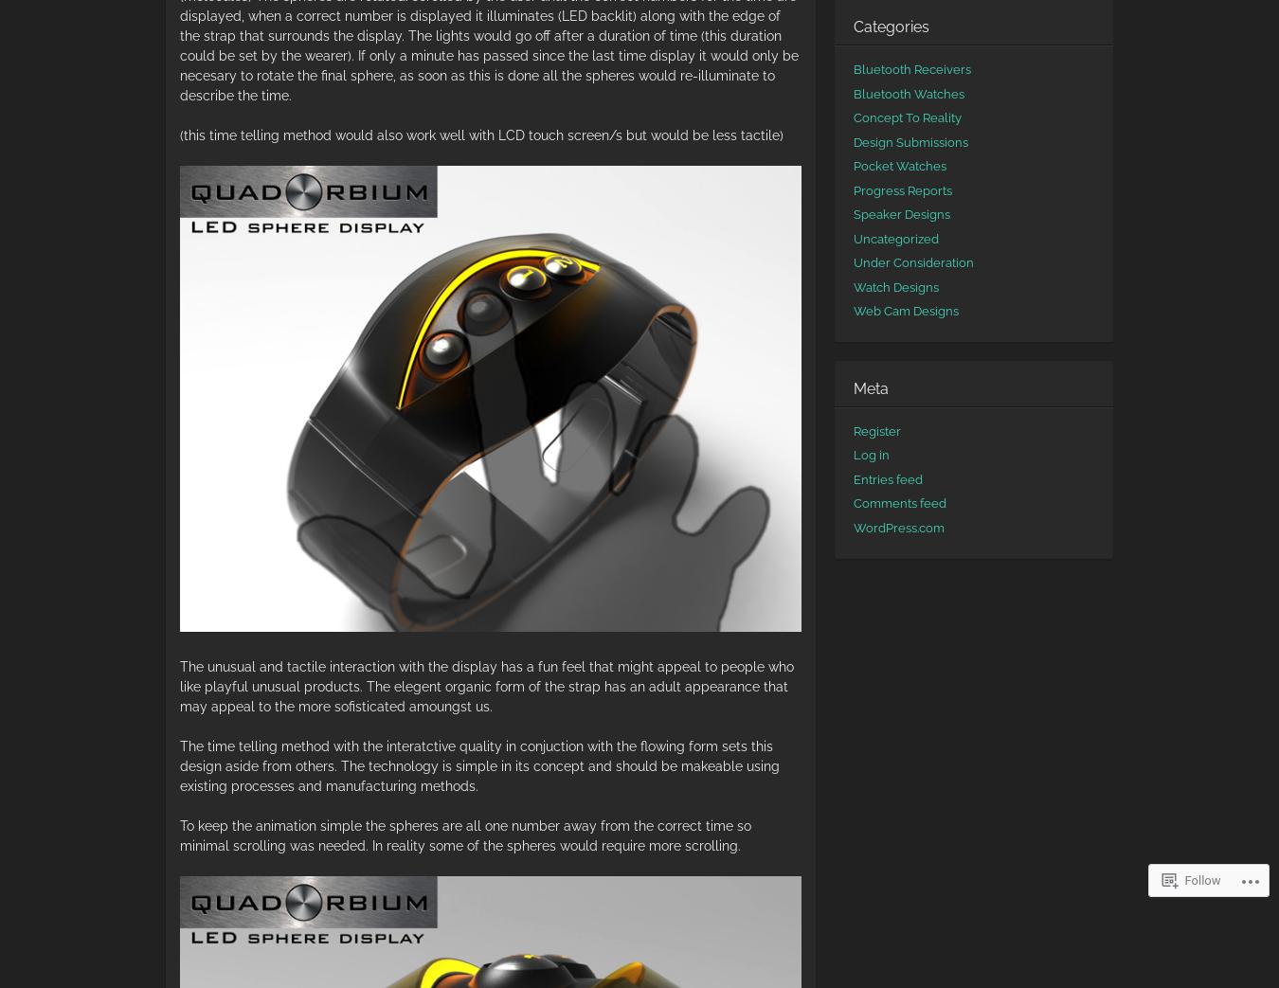 The height and width of the screenshot is (988, 1279). I want to click on 'Web Cam Designs', so click(853, 310).